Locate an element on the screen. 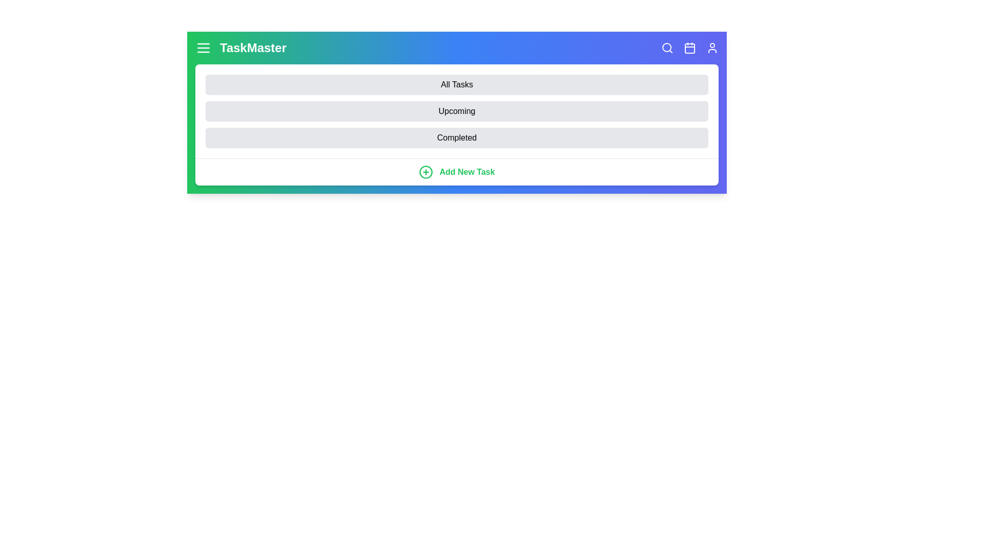  the search icon to access the search functionality is located at coordinates (667, 48).